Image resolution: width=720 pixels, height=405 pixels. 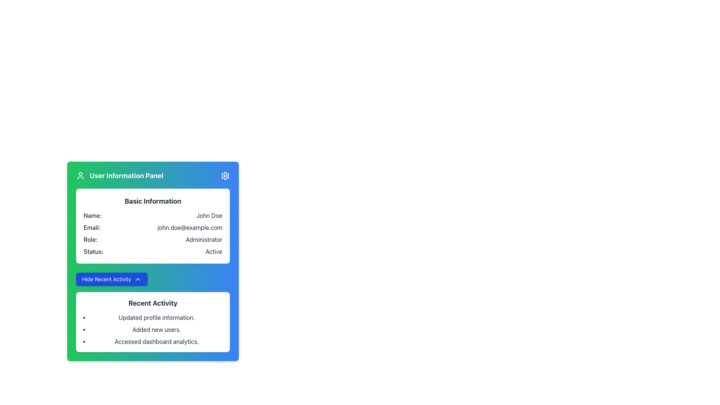 What do you see at coordinates (156, 341) in the screenshot?
I see `the text element that states 'Accessed dashboard analytics.' which is the third item in the bulleted list under the 'Recent Activity' section` at bounding box center [156, 341].